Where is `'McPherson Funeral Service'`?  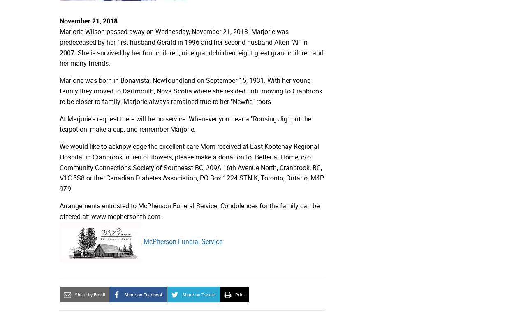 'McPherson Funeral Service' is located at coordinates (183, 241).